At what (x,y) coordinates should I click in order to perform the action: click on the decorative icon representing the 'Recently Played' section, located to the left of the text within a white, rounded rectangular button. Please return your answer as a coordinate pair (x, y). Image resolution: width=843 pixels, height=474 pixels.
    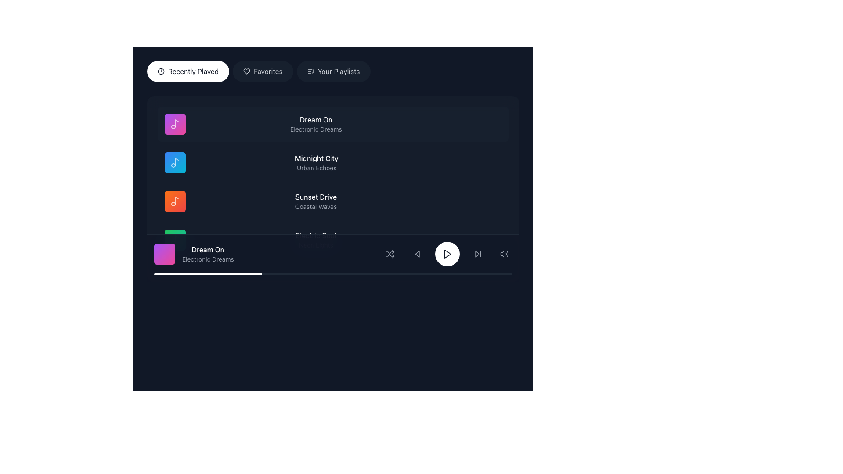
    Looking at the image, I should click on (161, 71).